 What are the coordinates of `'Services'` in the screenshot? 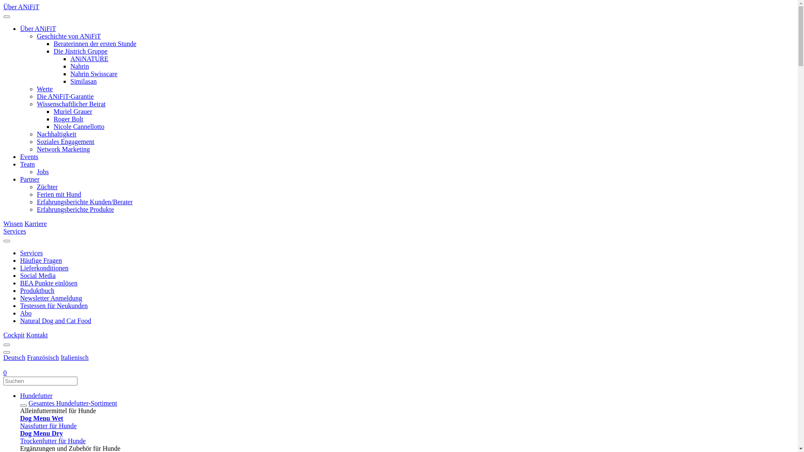 It's located at (31, 252).